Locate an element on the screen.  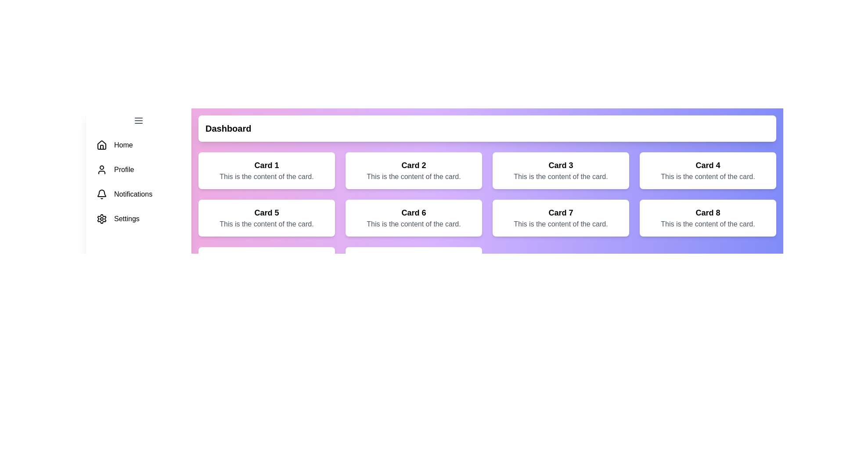
the menu item Profile to highlight it is located at coordinates (138, 169).